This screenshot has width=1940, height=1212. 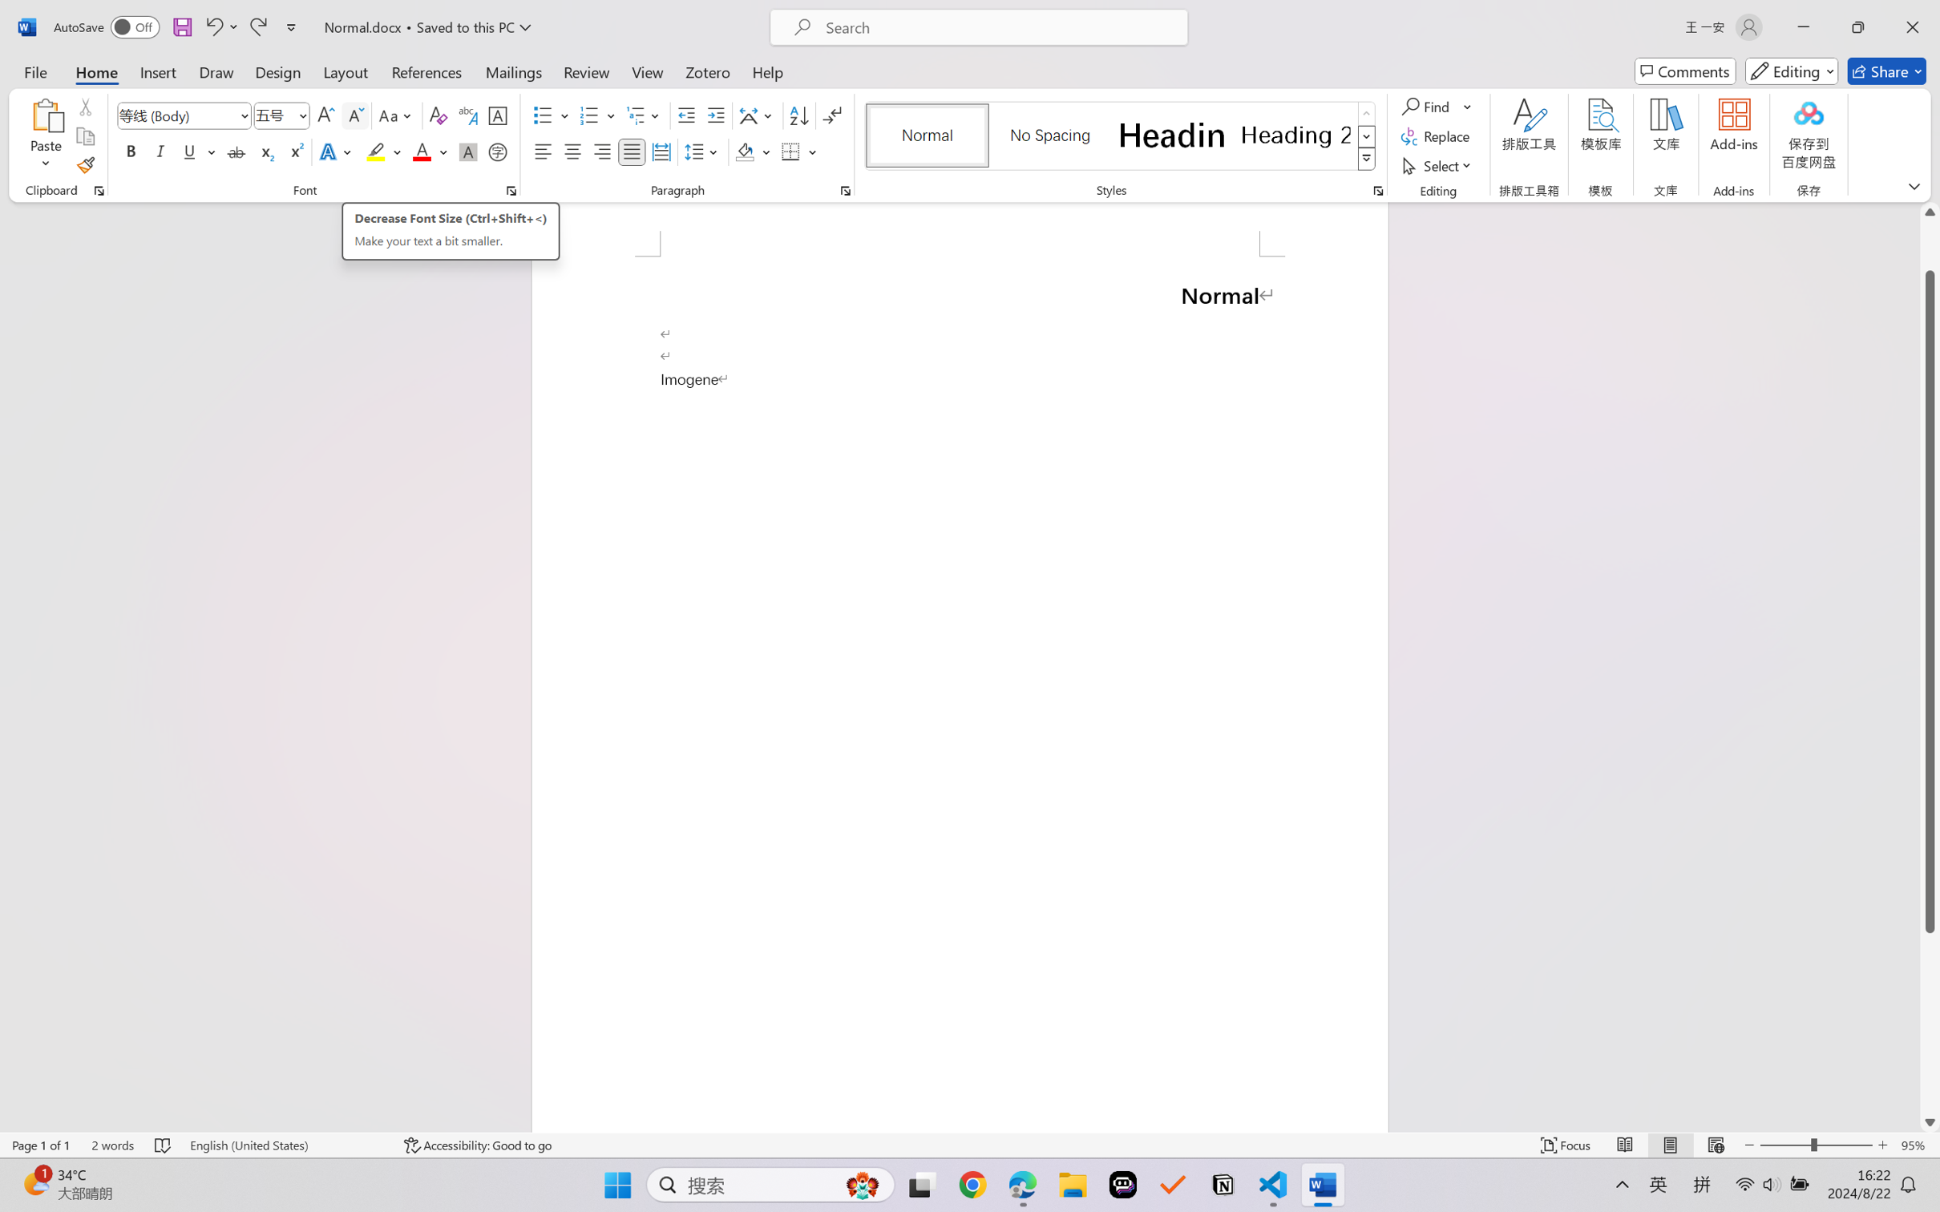 What do you see at coordinates (84, 136) in the screenshot?
I see `'Copy'` at bounding box center [84, 136].